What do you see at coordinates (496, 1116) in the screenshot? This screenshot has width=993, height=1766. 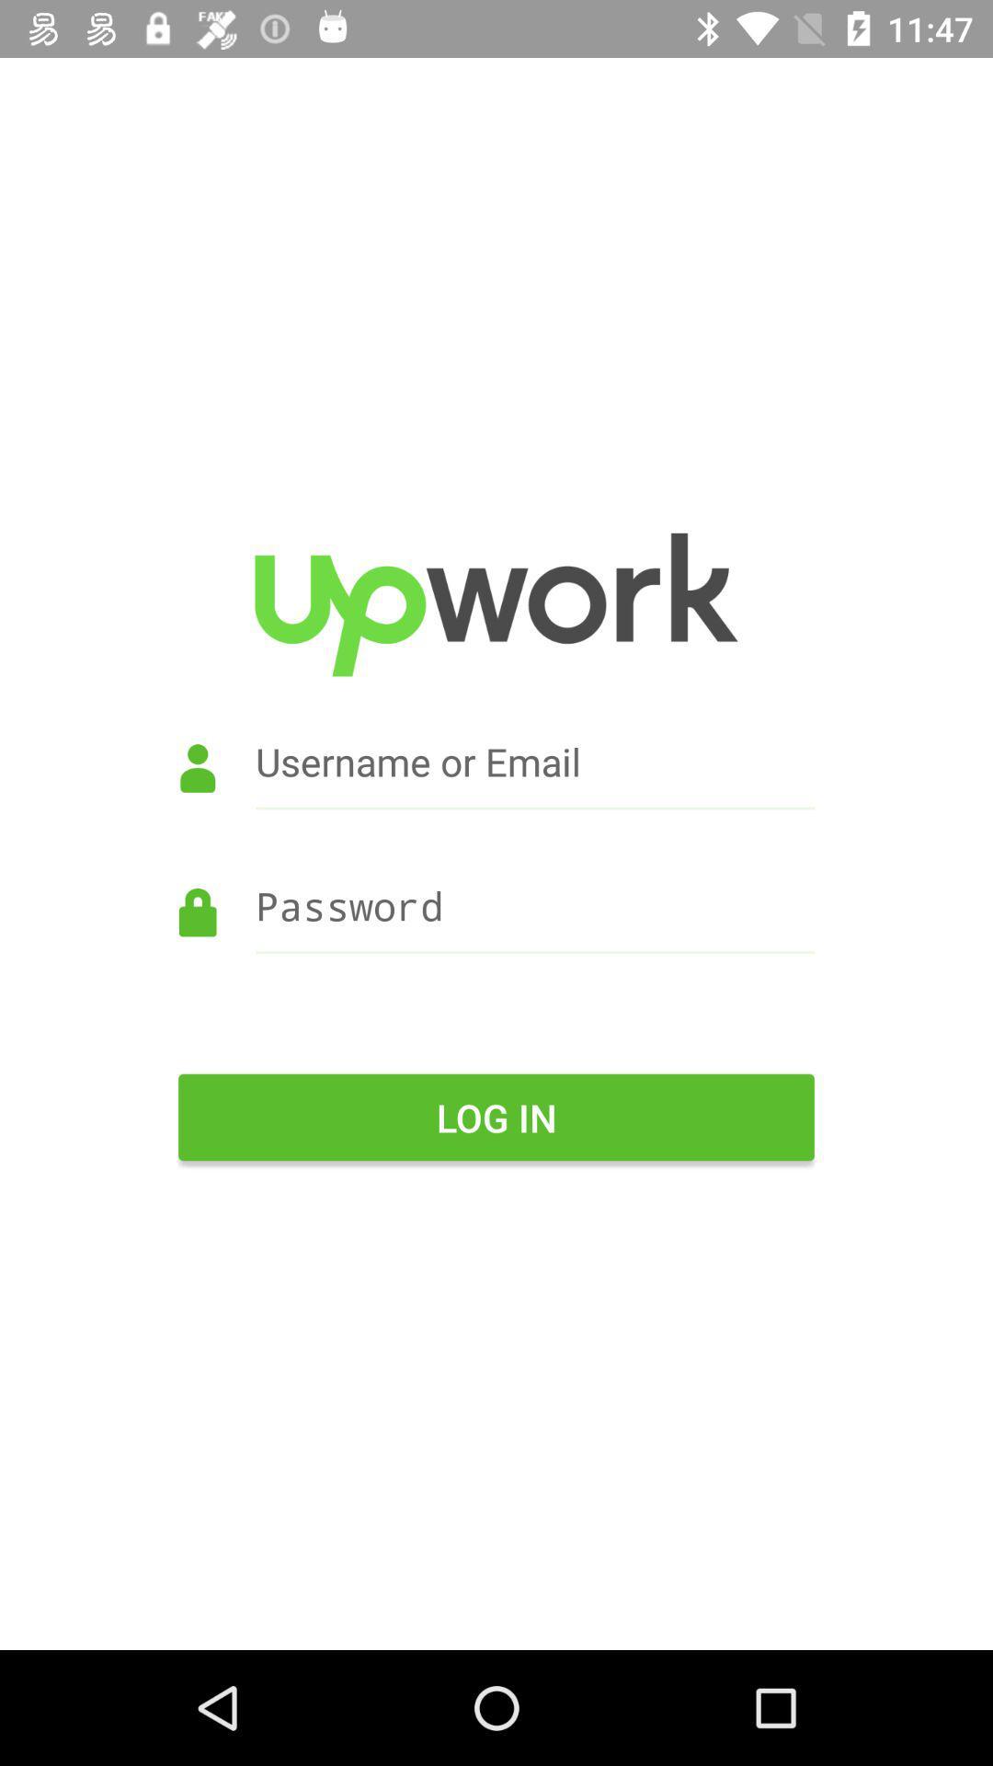 I see `log in icon` at bounding box center [496, 1116].